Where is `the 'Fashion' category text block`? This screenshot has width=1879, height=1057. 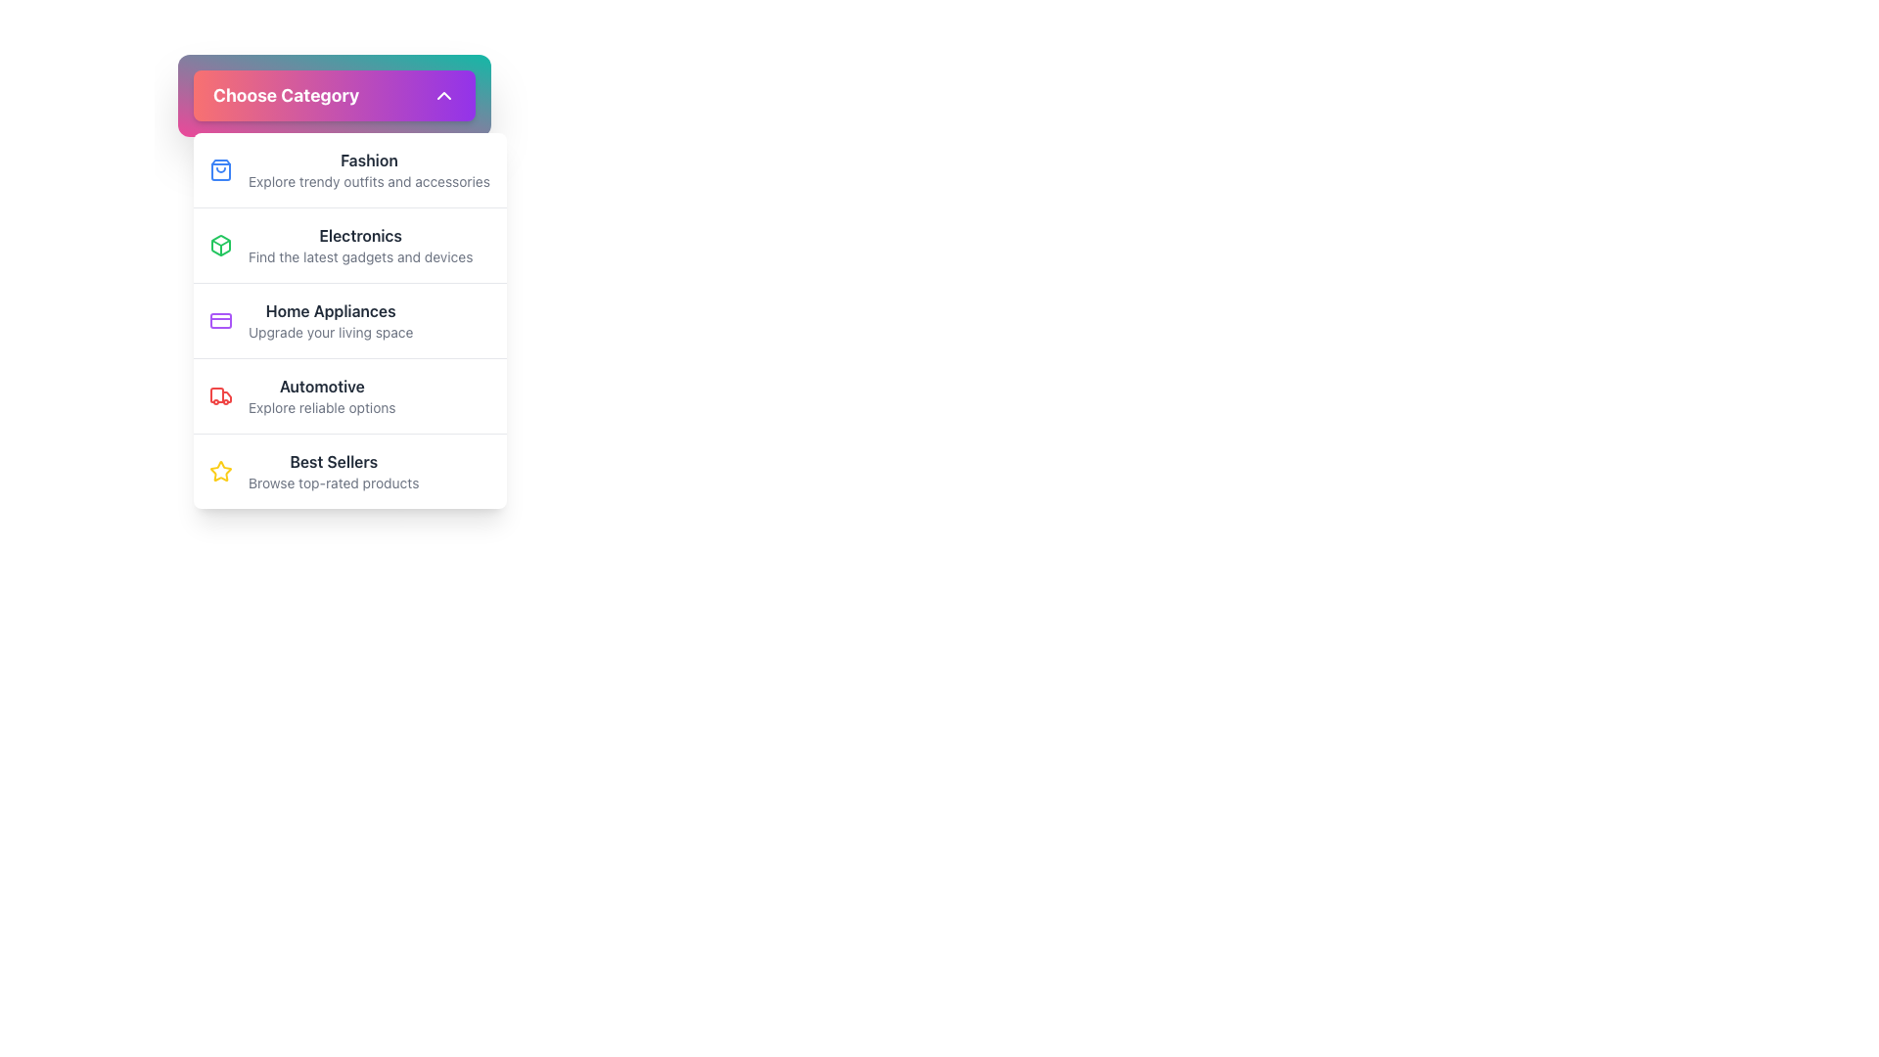 the 'Fashion' category text block is located at coordinates (369, 168).